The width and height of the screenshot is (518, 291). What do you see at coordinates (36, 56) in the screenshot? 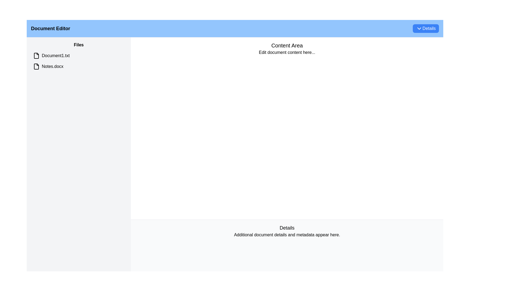
I see `the icon representing the 'Document1.txt' file located on the left side of the interface next to the 'Document1.txt' label` at bounding box center [36, 56].